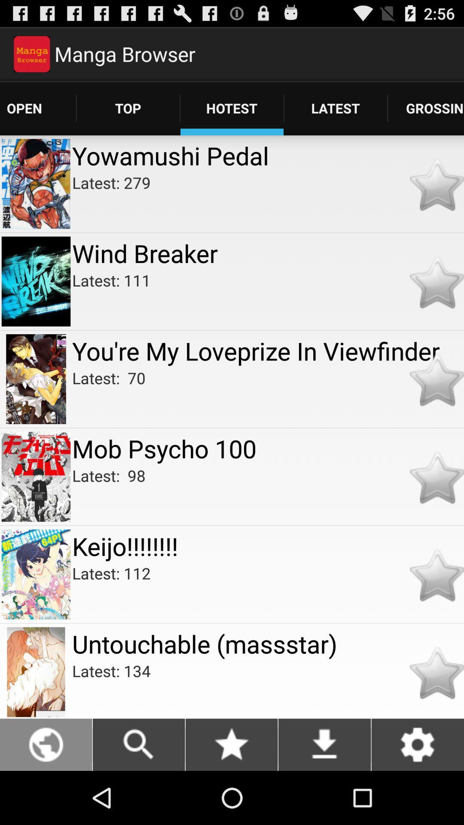 This screenshot has width=464, height=825. I want to click on icon above the latest: 134 icon, so click(268, 644).